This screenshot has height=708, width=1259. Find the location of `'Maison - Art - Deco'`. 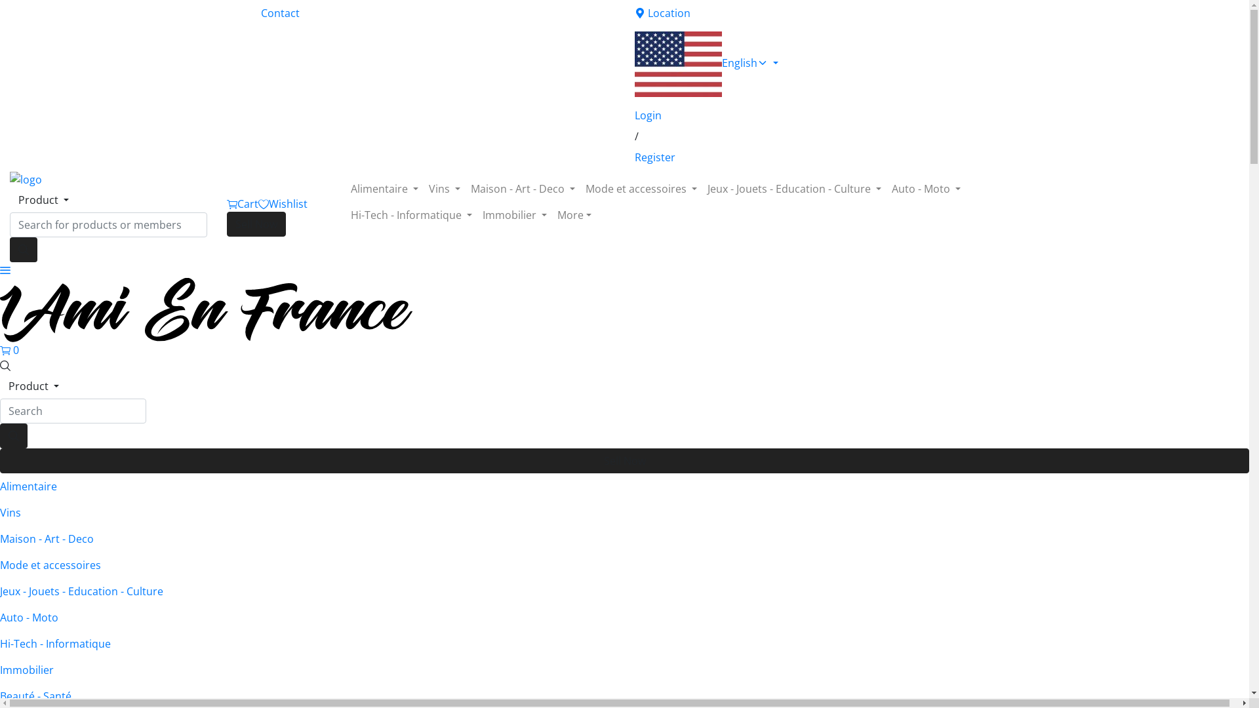

'Maison - Art - Deco' is located at coordinates (624, 538).